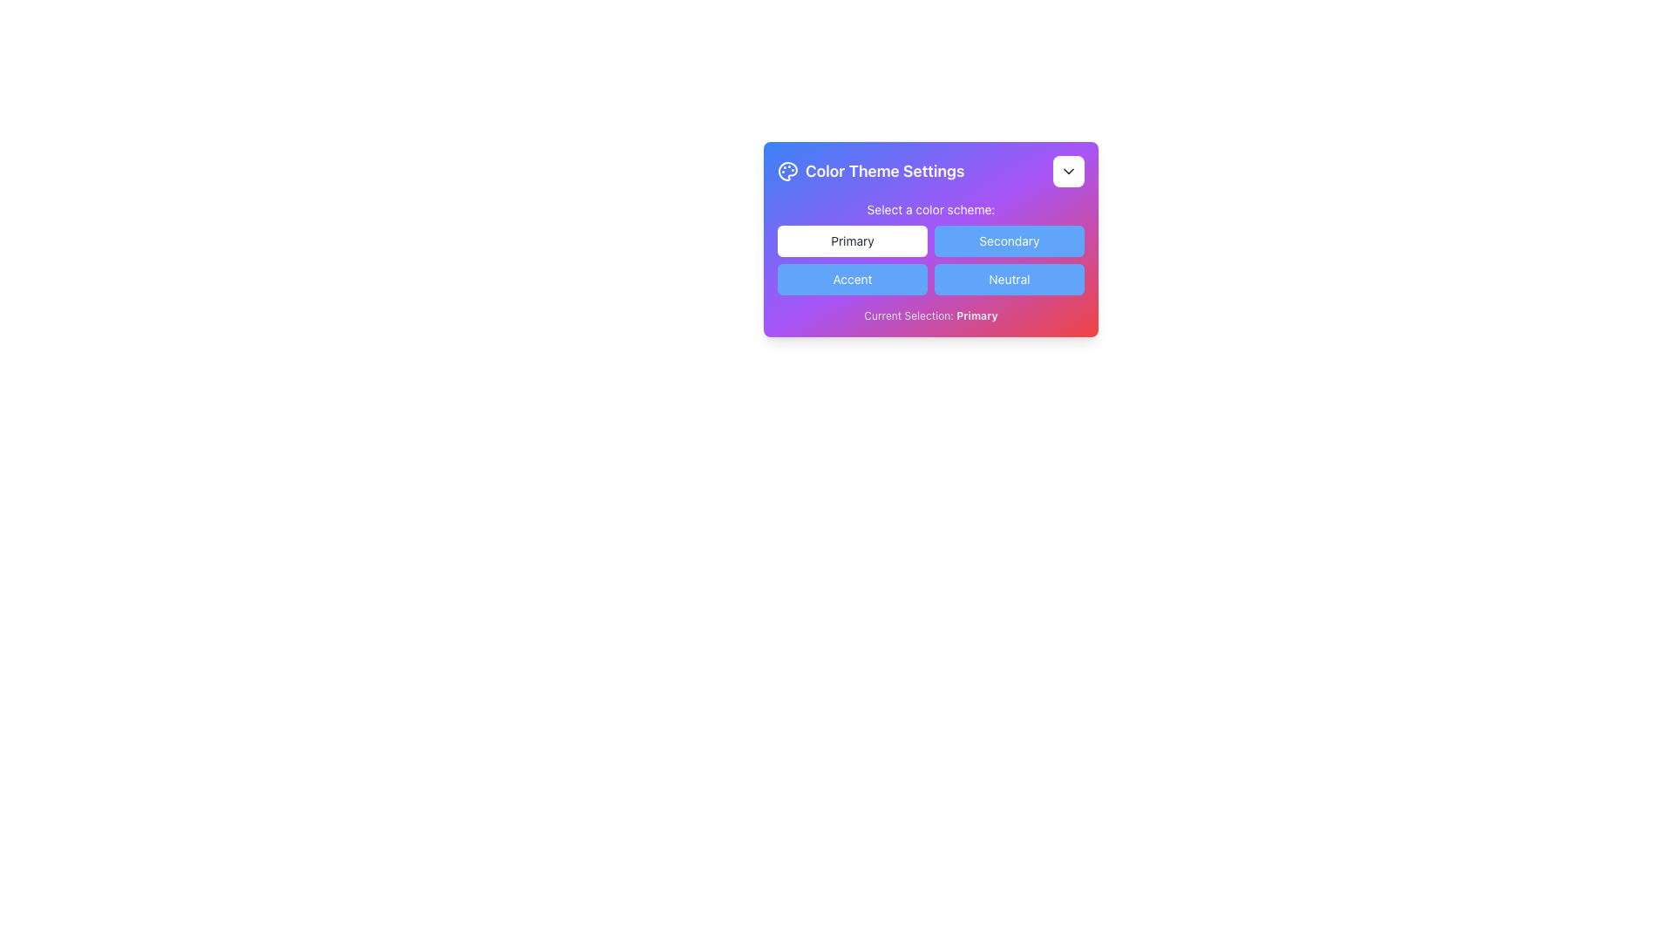  What do you see at coordinates (930, 171) in the screenshot?
I see `the Title section with a dropdown for color theme options, located at the top of the Color Theme Settings section` at bounding box center [930, 171].